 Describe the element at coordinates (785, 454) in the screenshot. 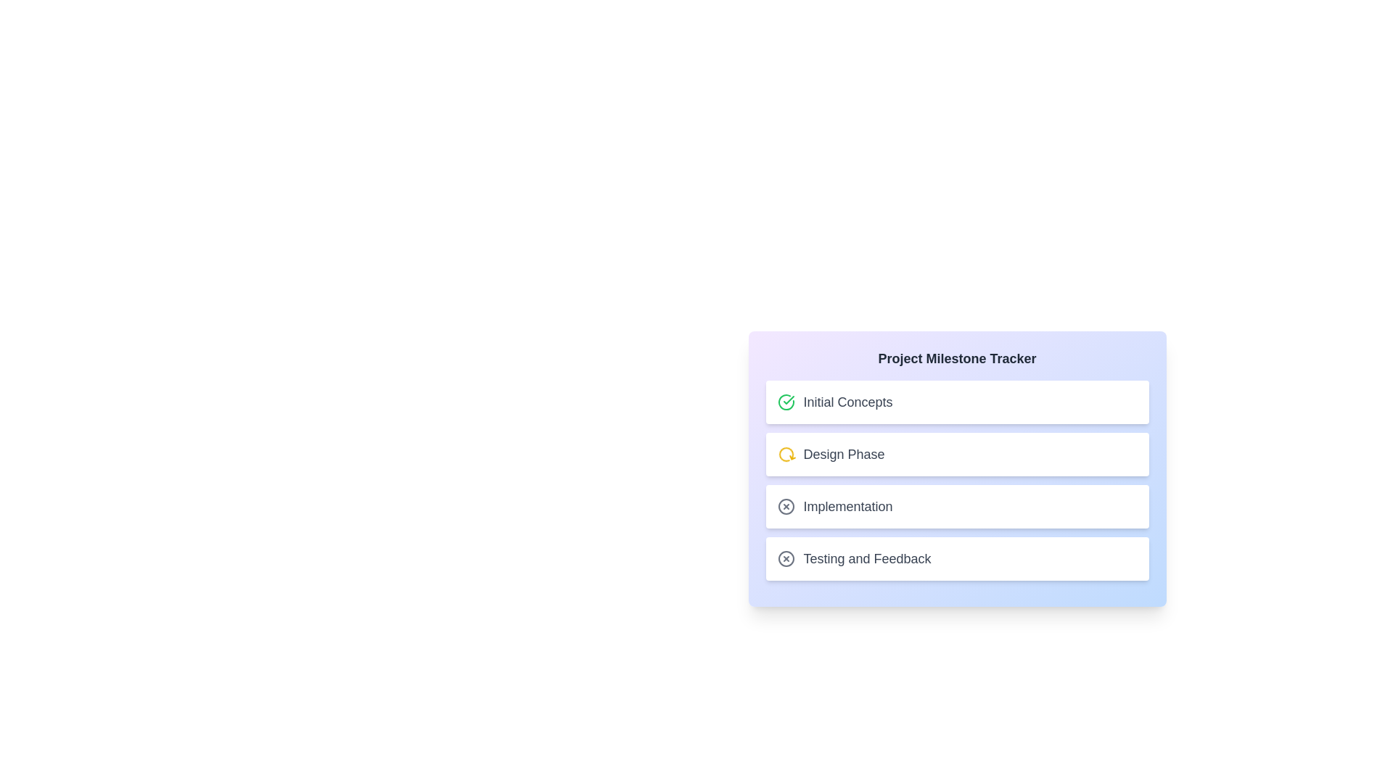

I see `the animation of the circular arrow symbol icon representing the progress indicator for the 'Design Phase' milestone in the 'Project Milestone Tracker.'` at that location.